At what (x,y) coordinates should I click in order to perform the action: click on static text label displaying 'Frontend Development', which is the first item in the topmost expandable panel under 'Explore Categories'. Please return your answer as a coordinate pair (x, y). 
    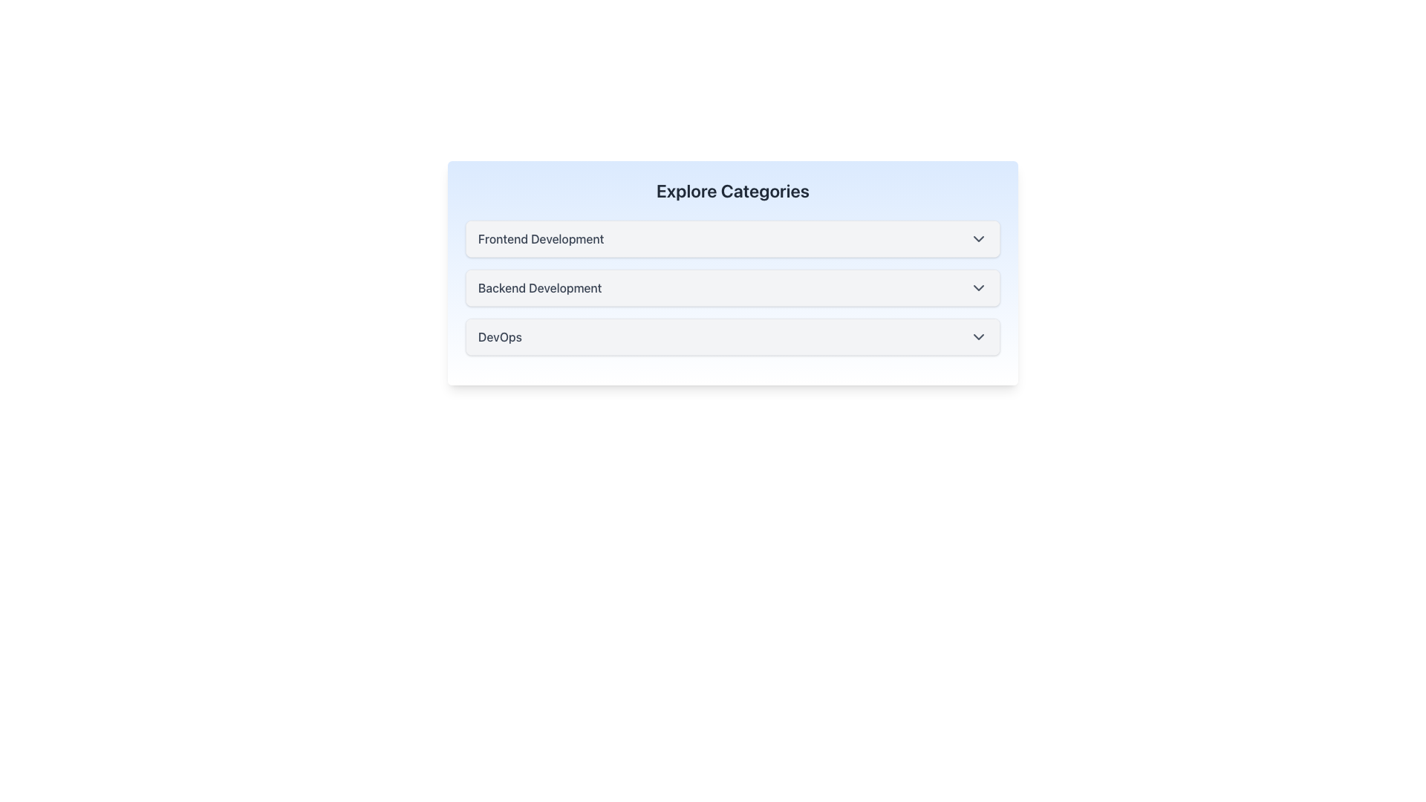
    Looking at the image, I should click on (540, 238).